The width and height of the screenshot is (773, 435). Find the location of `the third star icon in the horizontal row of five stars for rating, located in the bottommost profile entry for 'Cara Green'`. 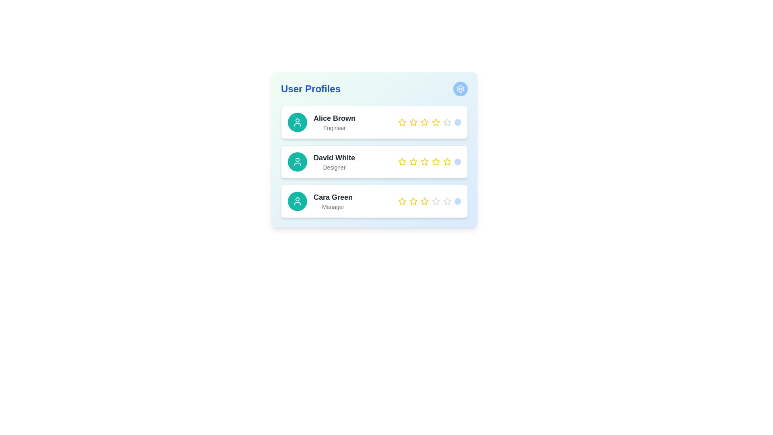

the third star icon in the horizontal row of five stars for rating, located in the bottommost profile entry for 'Cara Green' is located at coordinates (424, 201).